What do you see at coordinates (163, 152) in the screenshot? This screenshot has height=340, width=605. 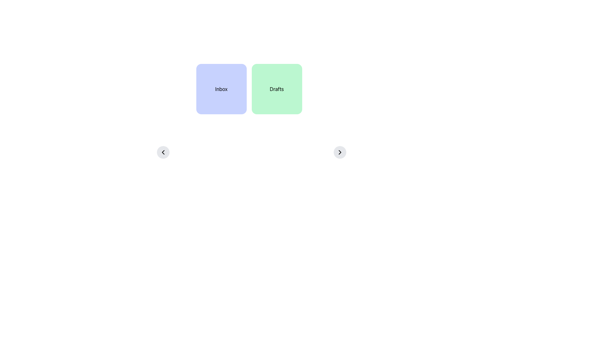 I see `the left-pointing chevron button, which is styled with a thin black outline and a light gray circular background` at bounding box center [163, 152].